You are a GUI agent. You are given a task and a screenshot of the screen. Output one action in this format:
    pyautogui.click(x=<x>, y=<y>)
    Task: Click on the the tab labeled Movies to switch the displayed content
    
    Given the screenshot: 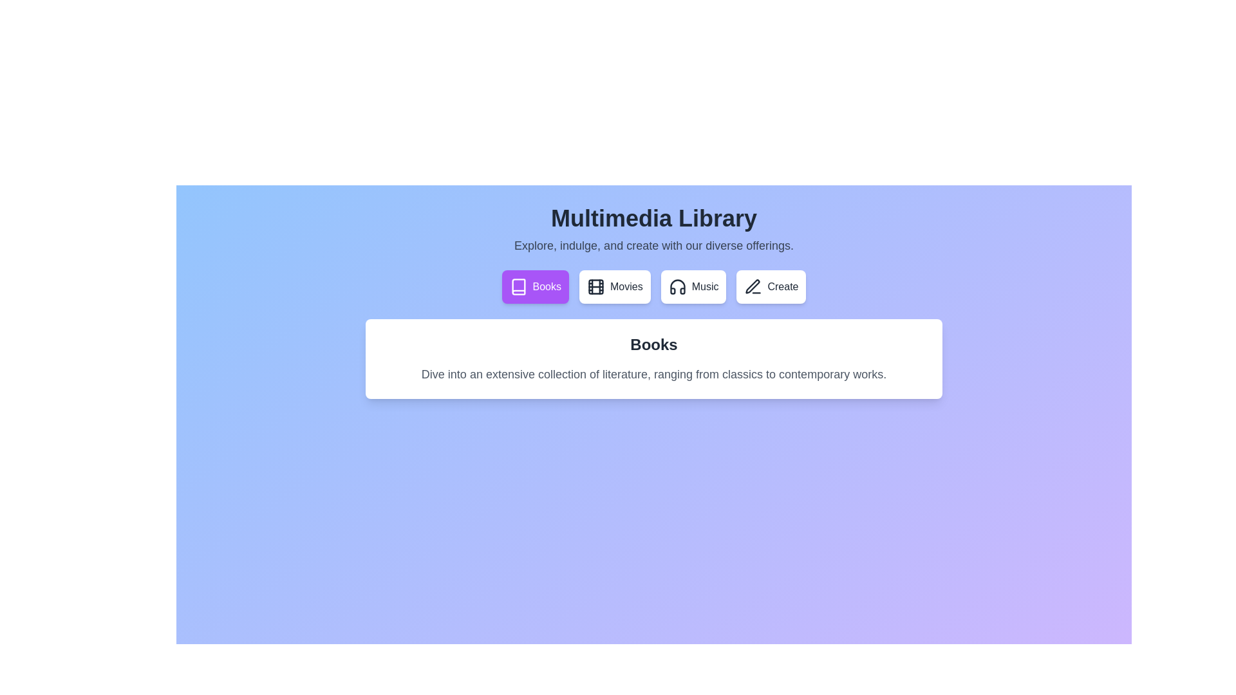 What is the action you would take?
    pyautogui.click(x=614, y=286)
    